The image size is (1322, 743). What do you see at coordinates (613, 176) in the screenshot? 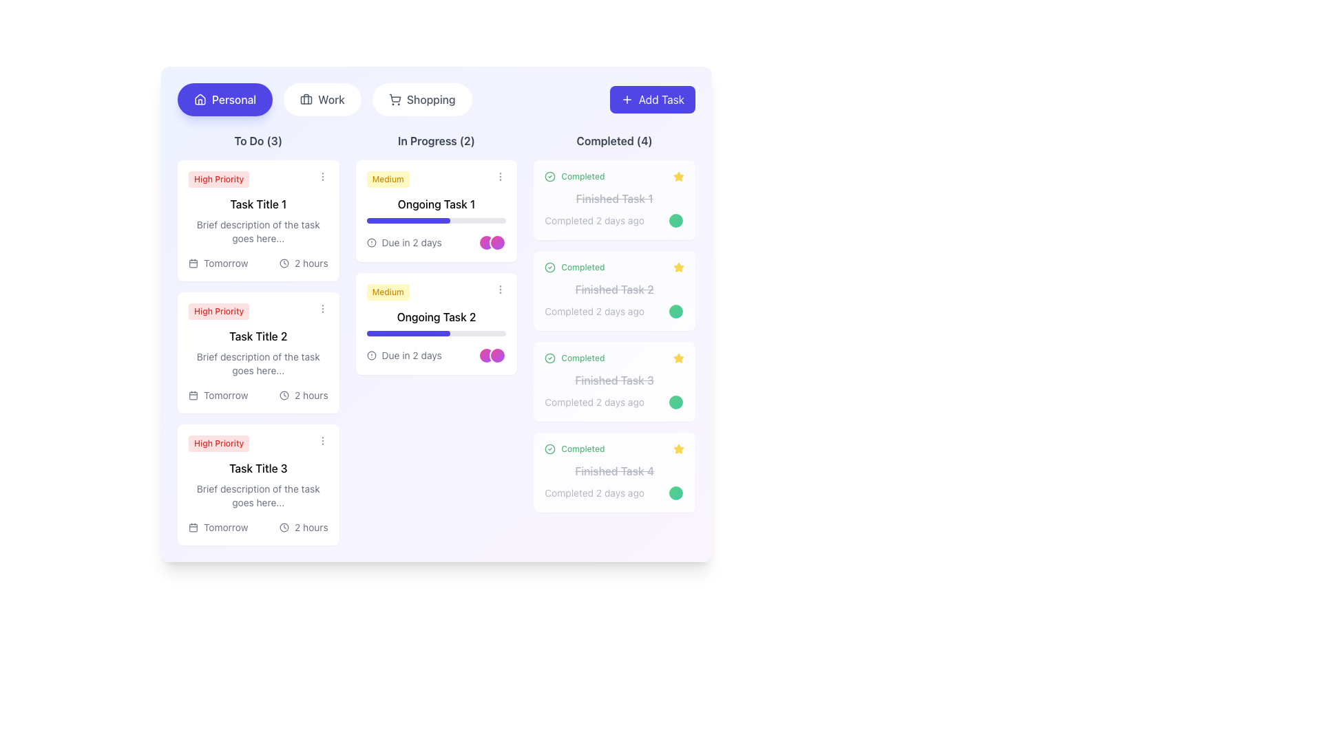
I see `the status of the Label with decorative icons in the 'Completed (4)' section that signifies the completion status of the corresponding task` at bounding box center [613, 176].